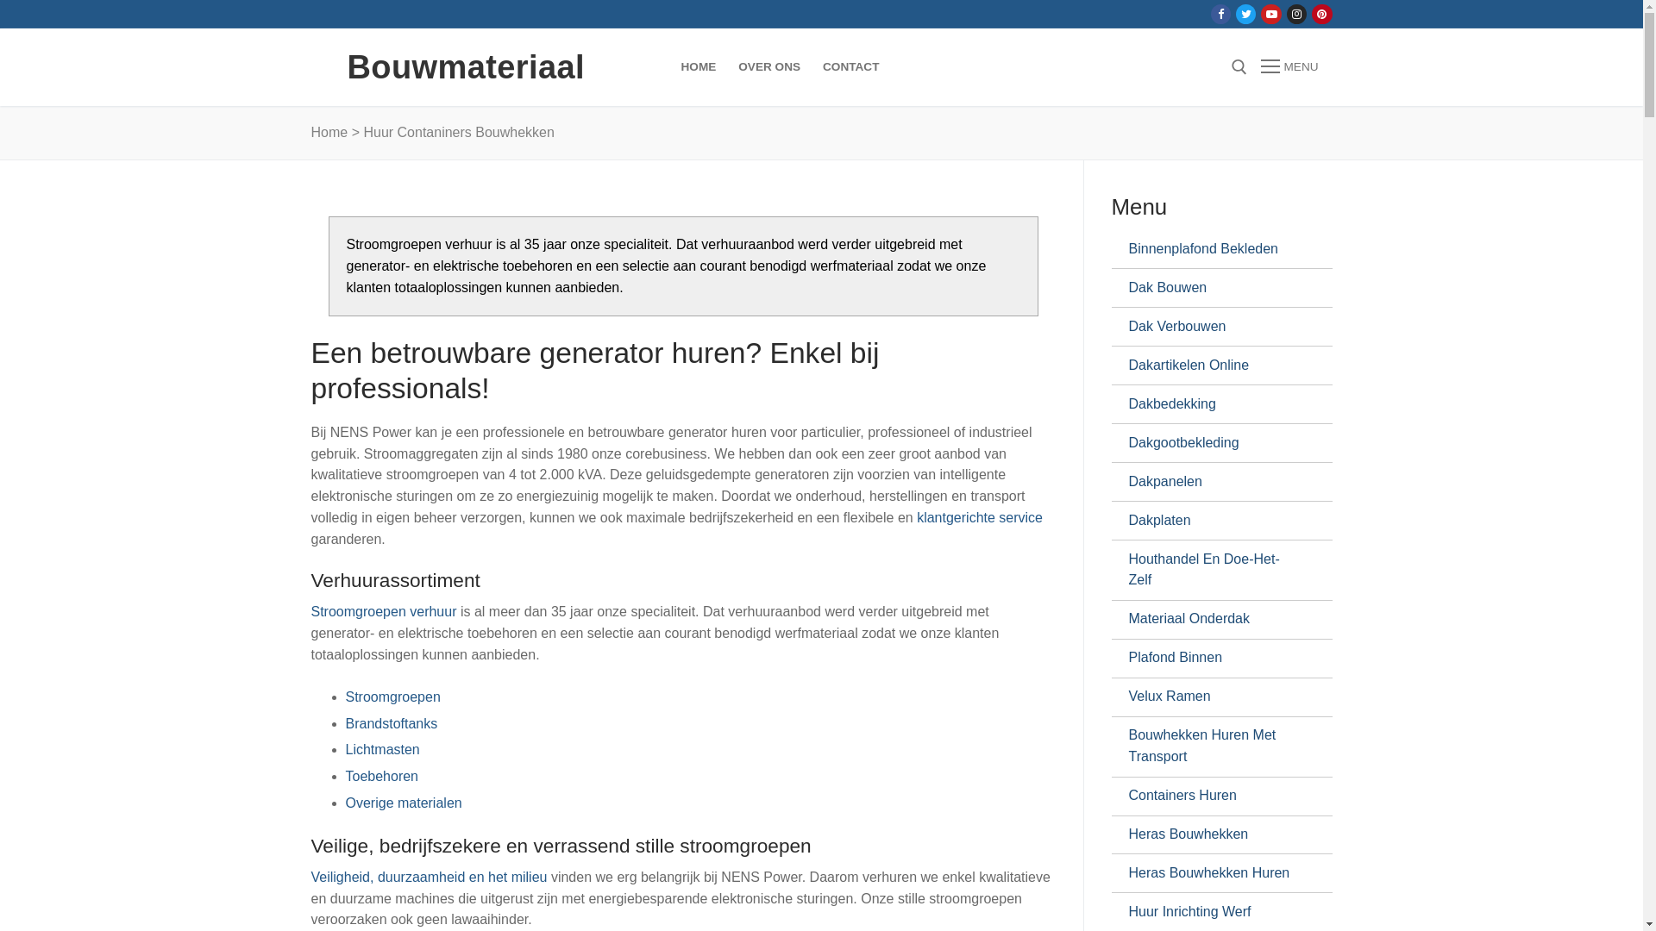 Image resolution: width=1656 pixels, height=931 pixels. I want to click on 'OVER ONS', so click(768, 66).